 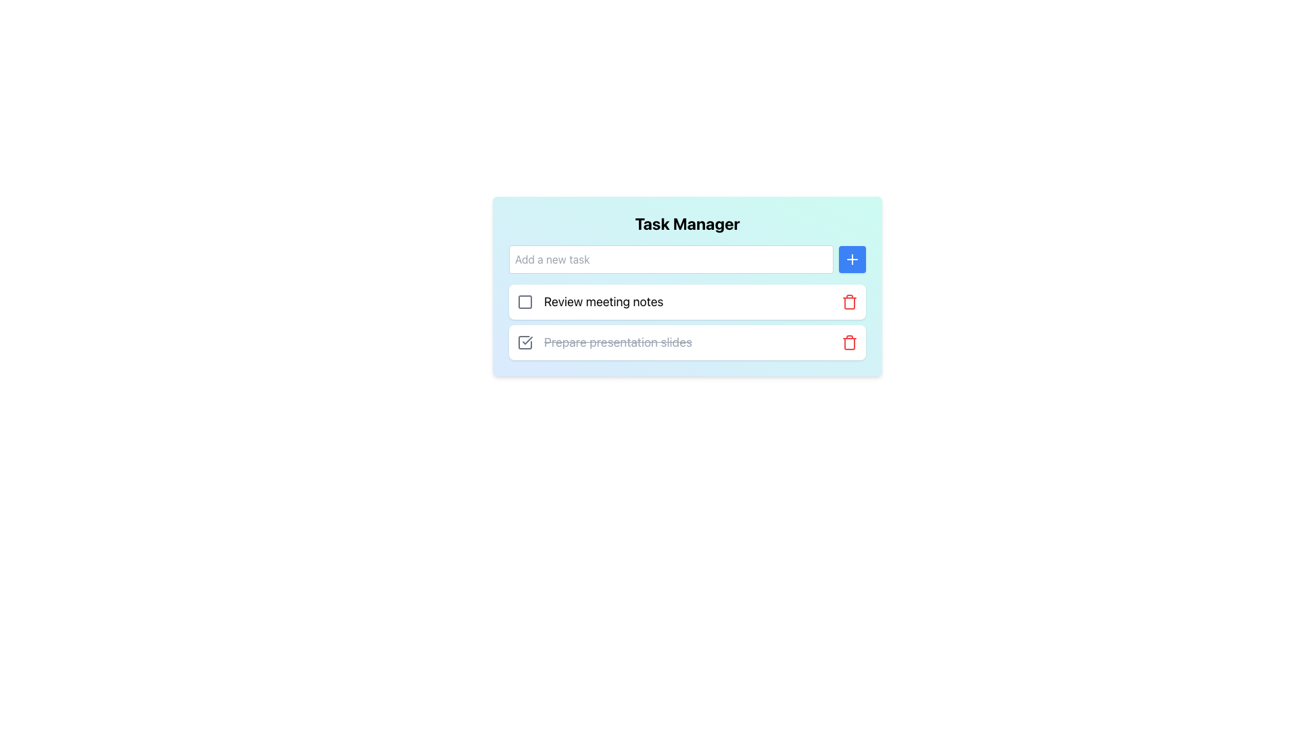 What do you see at coordinates (849, 341) in the screenshot?
I see `the delete Icon button located at the far right of the task entry row titled 'Prepare presentation slides'` at bounding box center [849, 341].